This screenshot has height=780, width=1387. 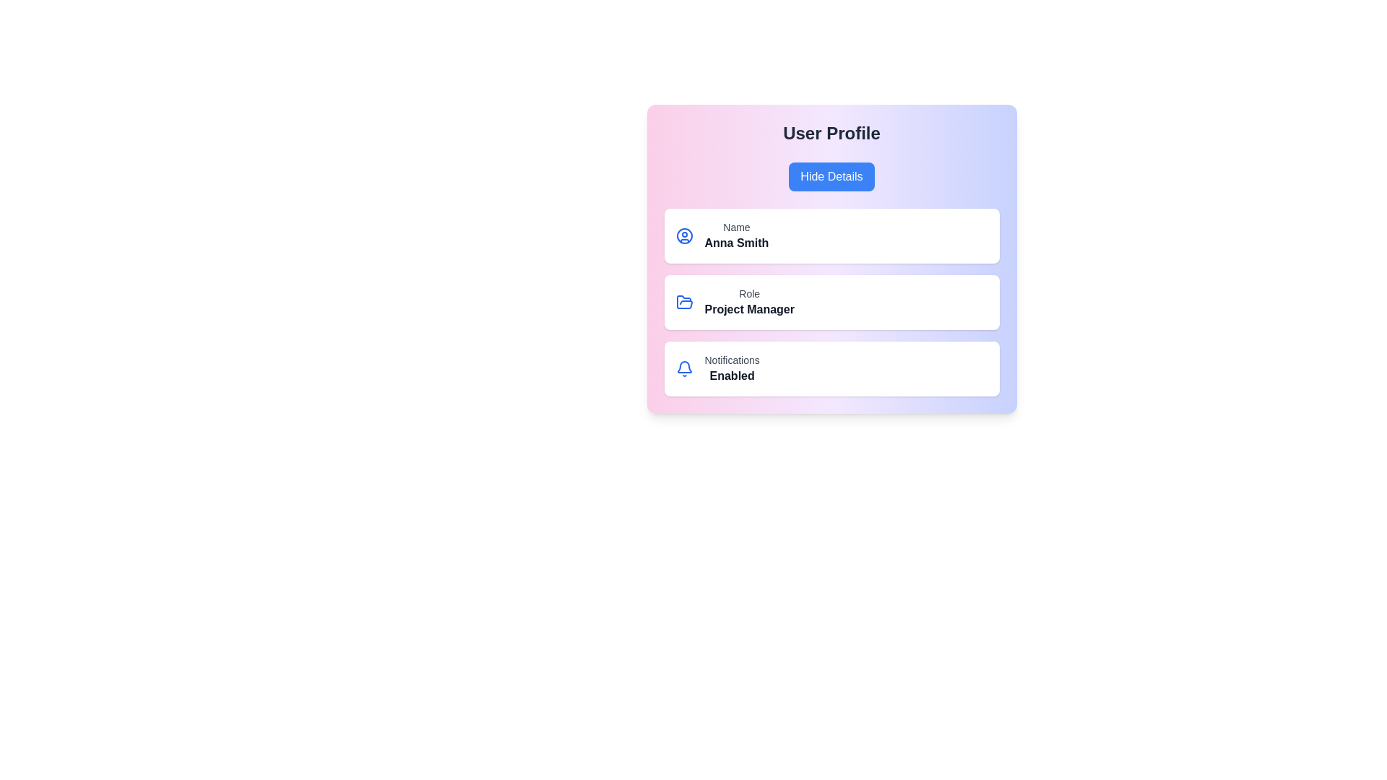 I want to click on name displayed, which is 'Anna Smith', in the Textual Content Display labeled 'Name' on the top card of the user profile interface, so click(x=736, y=235).